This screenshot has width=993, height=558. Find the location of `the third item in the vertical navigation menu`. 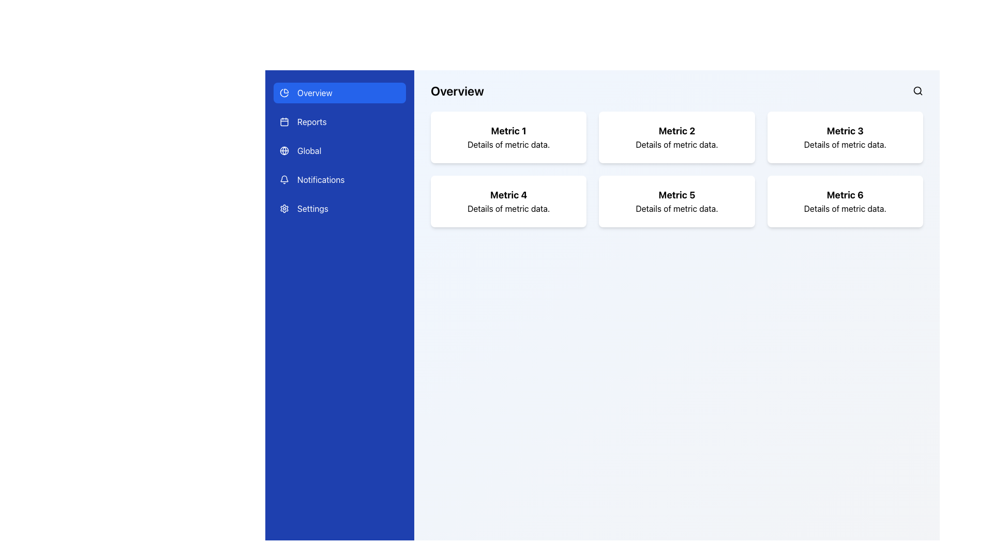

the third item in the vertical navigation menu is located at coordinates (340, 151).